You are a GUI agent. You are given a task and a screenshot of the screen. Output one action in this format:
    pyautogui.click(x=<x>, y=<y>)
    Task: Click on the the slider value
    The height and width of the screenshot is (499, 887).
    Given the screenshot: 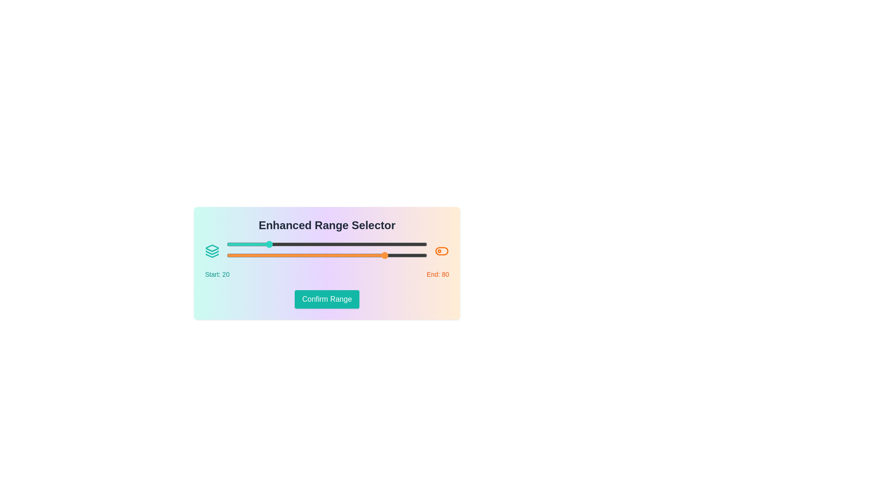 What is the action you would take?
    pyautogui.click(x=280, y=255)
    